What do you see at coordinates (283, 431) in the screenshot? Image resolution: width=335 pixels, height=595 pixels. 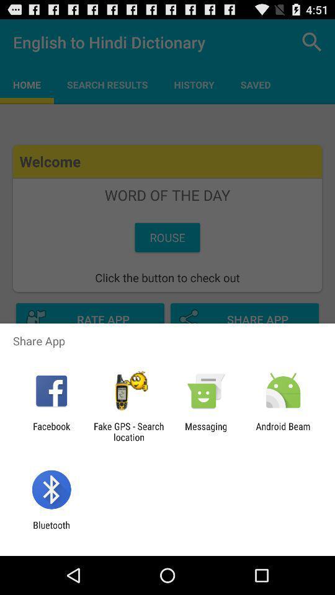 I see `the app at the bottom right corner` at bounding box center [283, 431].